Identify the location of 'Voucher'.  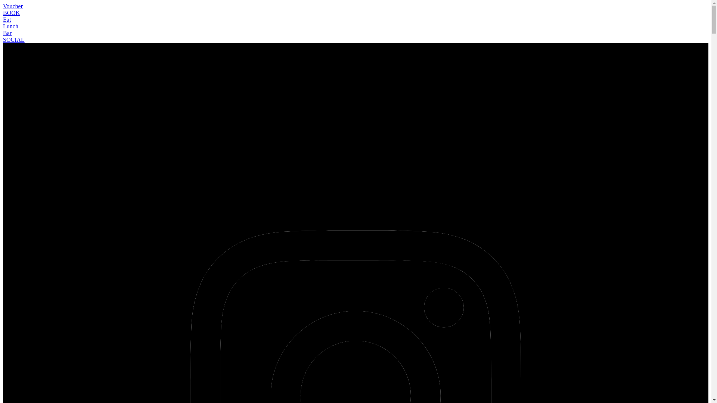
(13, 6).